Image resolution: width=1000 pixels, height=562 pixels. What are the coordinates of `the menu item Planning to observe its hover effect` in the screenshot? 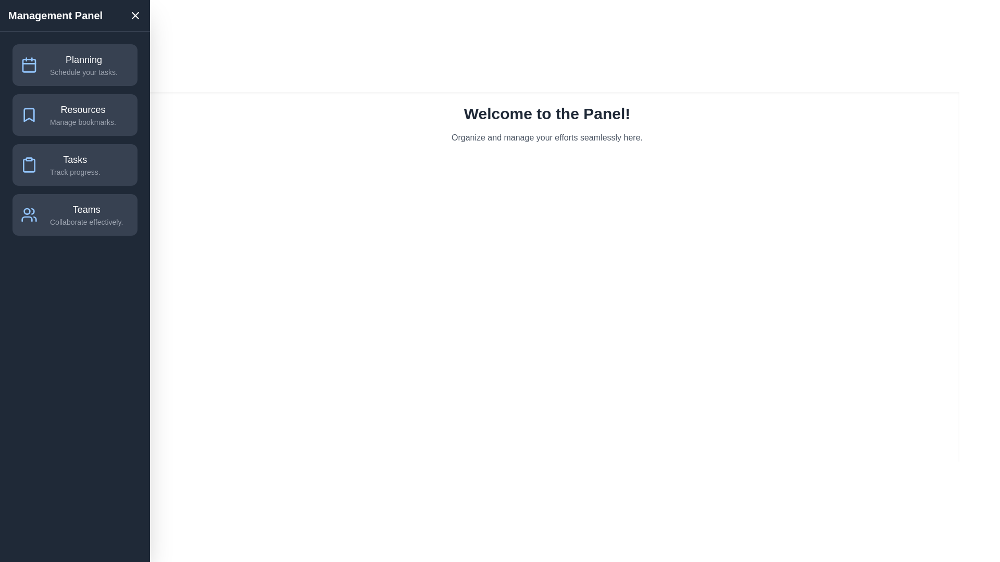 It's located at (74, 65).